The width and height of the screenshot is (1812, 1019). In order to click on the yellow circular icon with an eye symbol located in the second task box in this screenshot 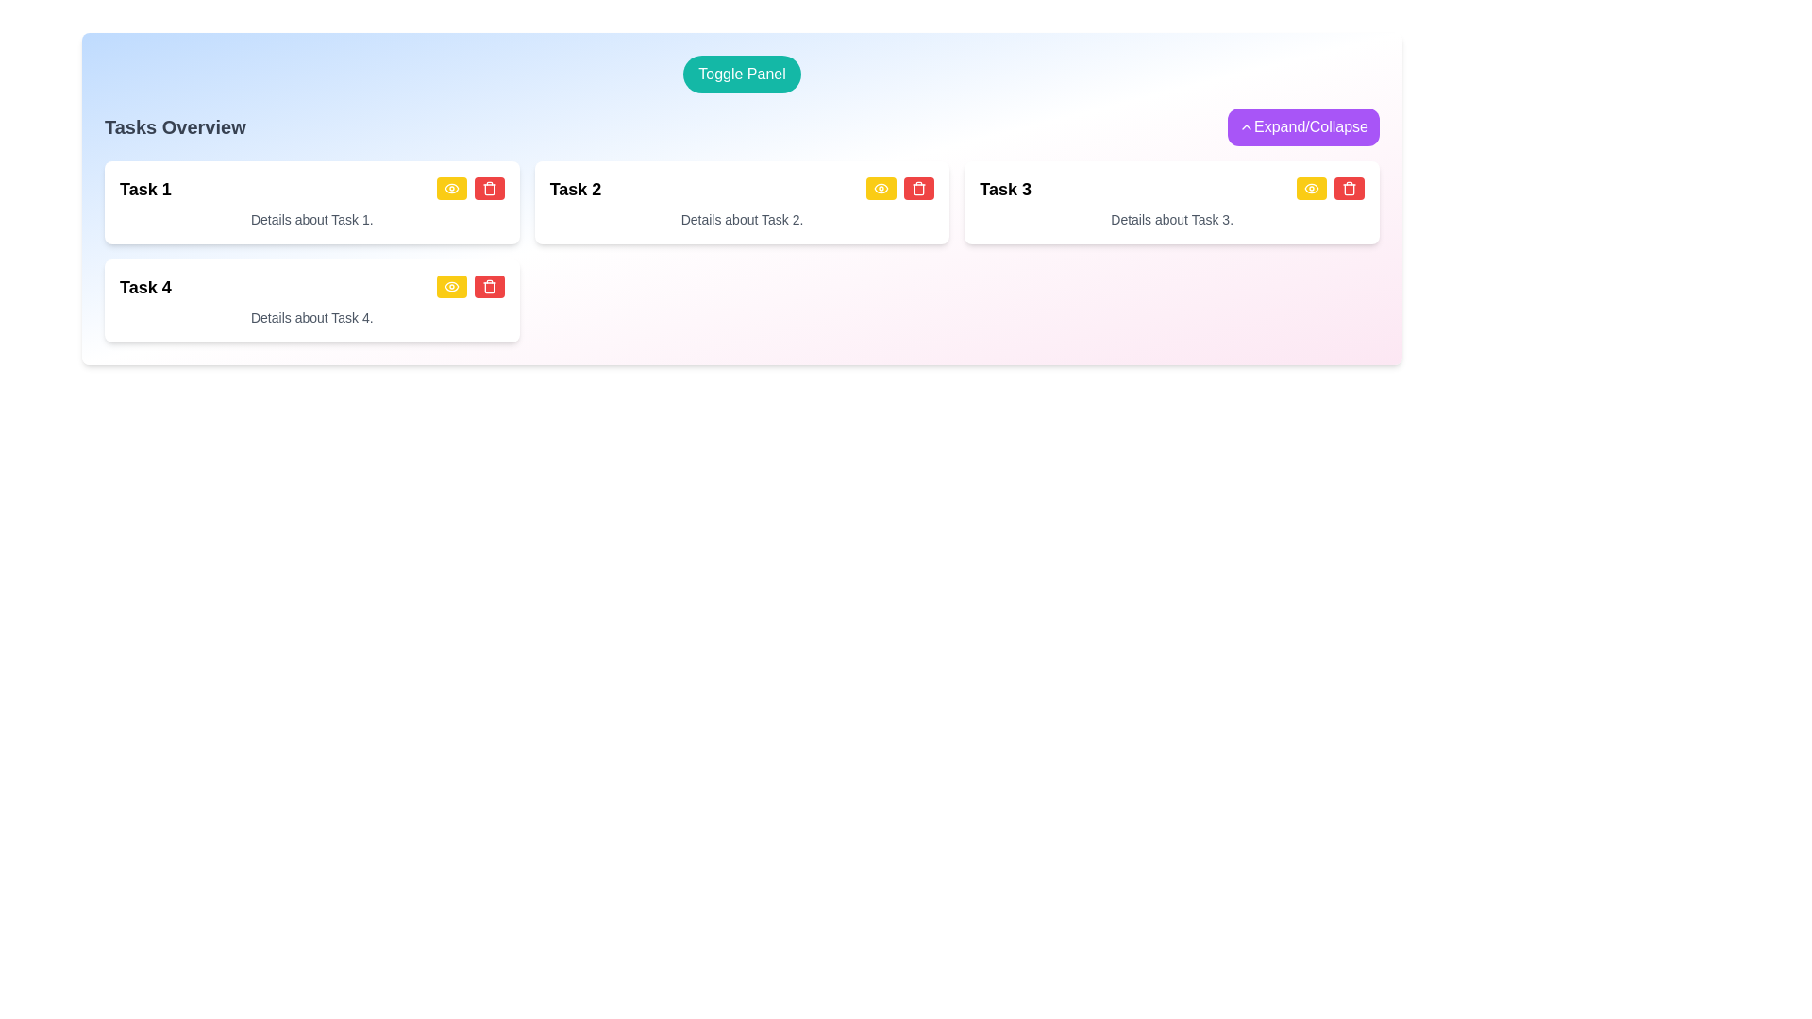, I will do `click(881, 188)`.